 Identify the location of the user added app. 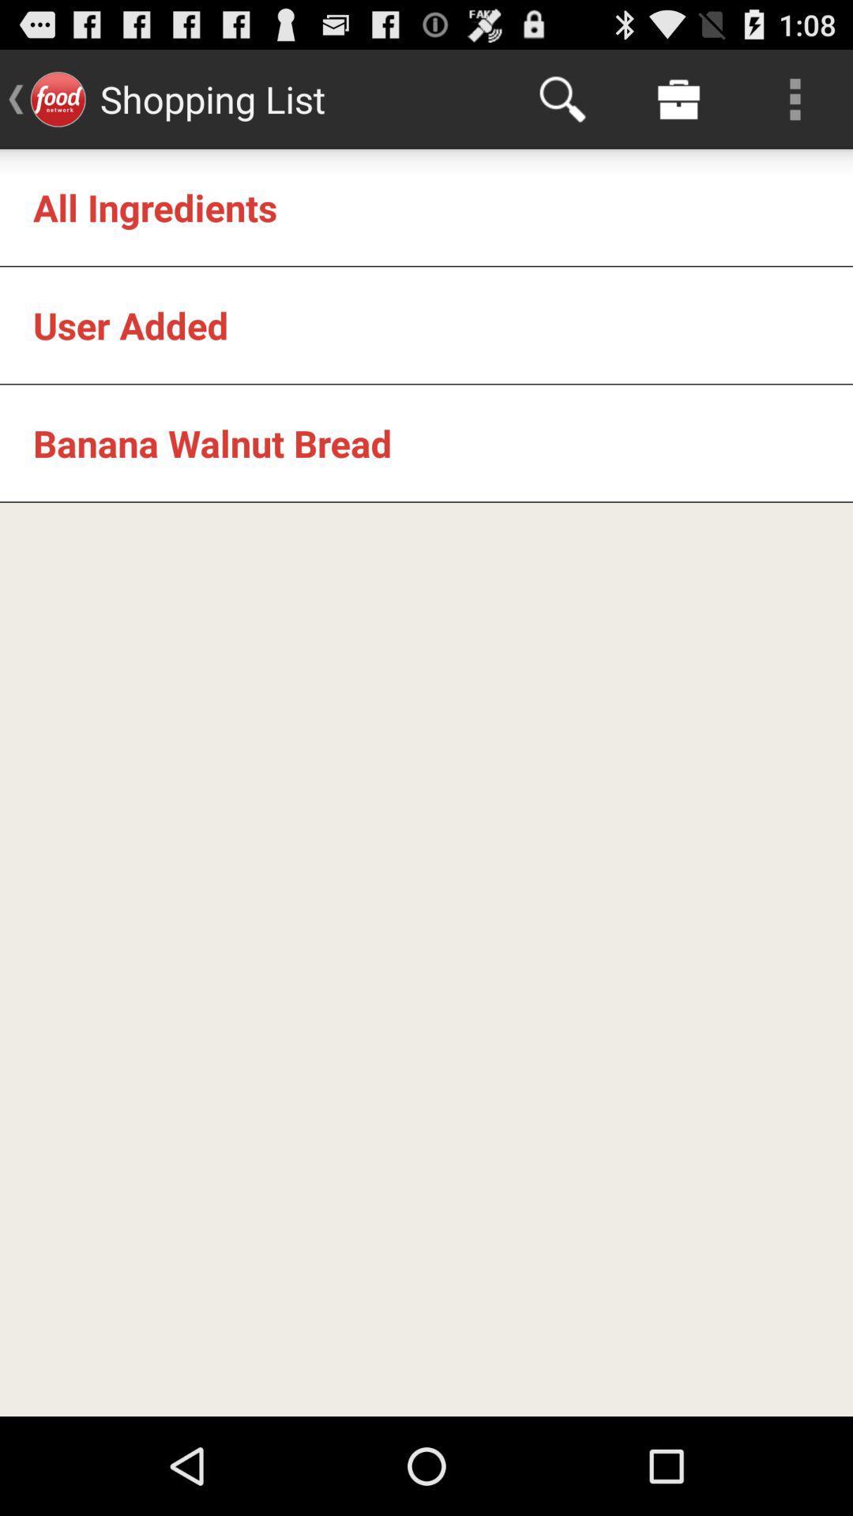
(130, 325).